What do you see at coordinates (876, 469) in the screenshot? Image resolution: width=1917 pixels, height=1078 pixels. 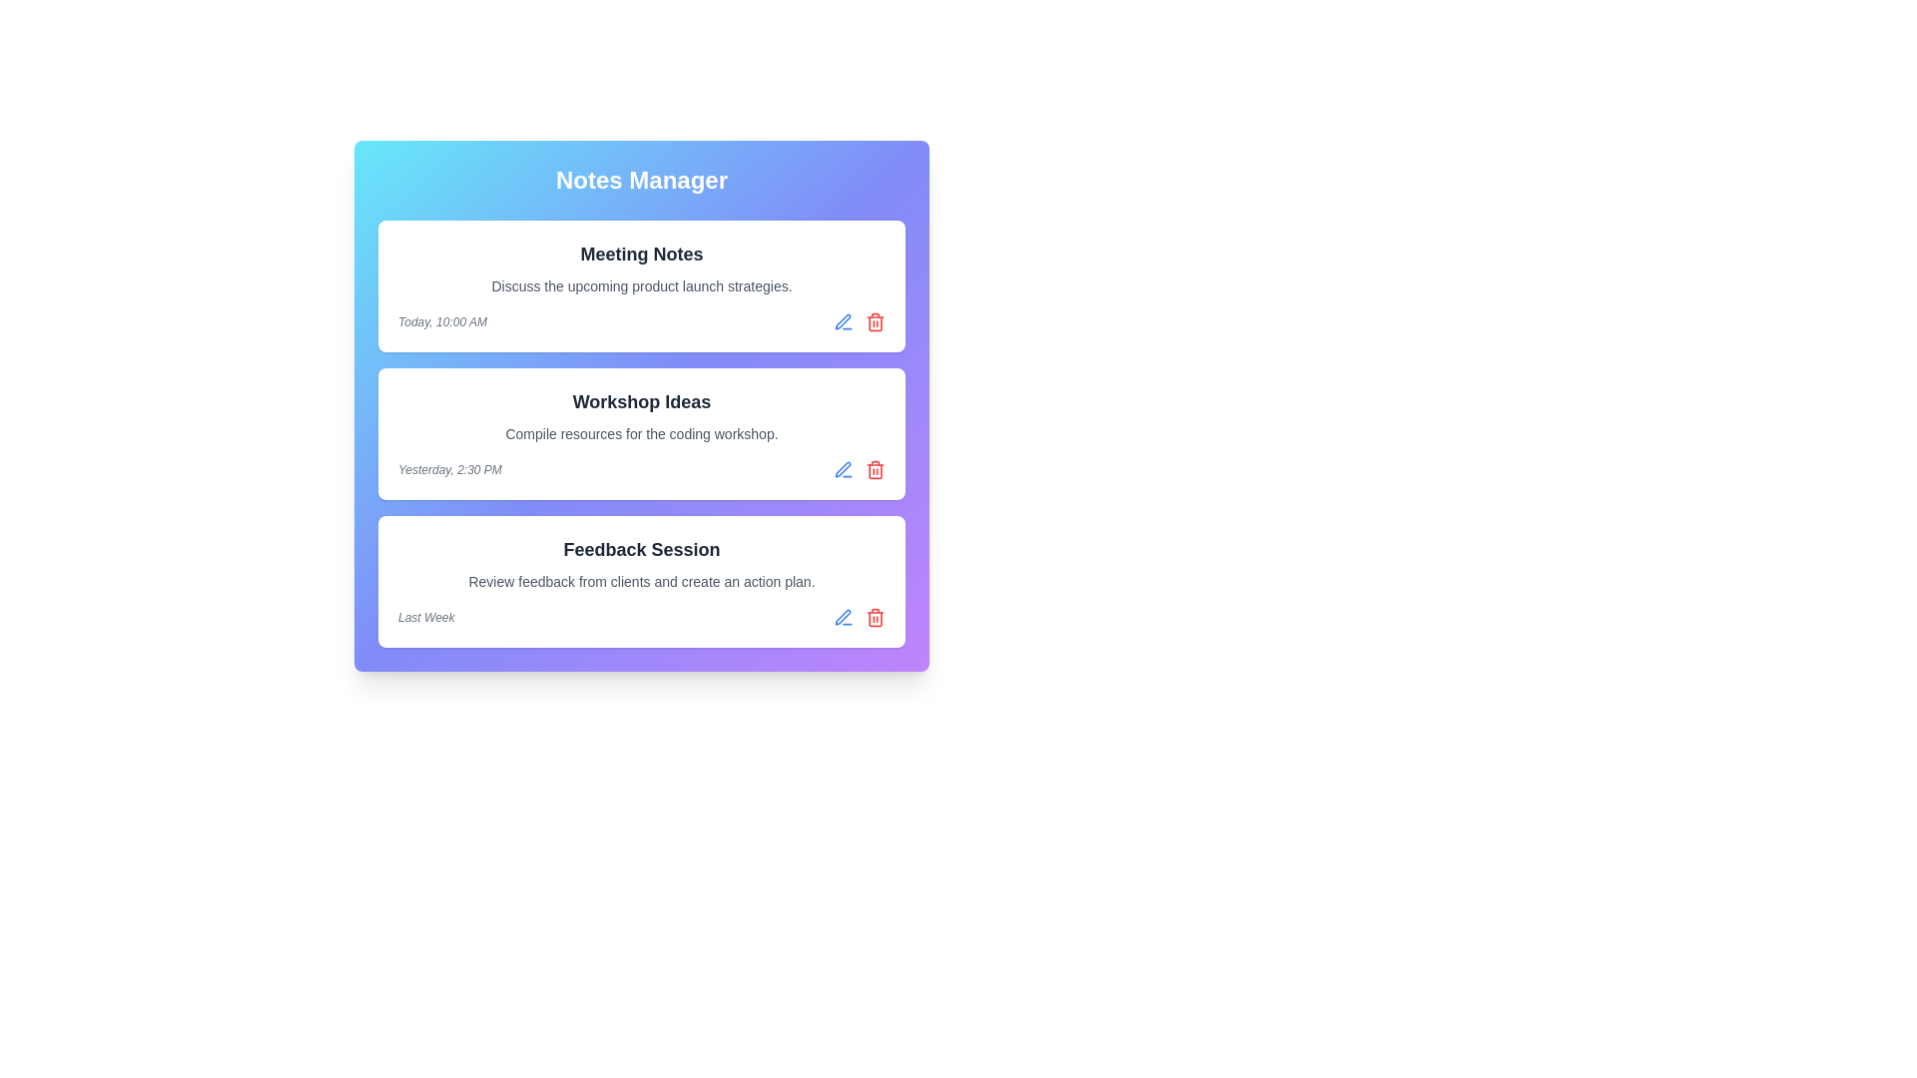 I see `the trash icon of the note titled Workshop Ideas to delete it` at bounding box center [876, 469].